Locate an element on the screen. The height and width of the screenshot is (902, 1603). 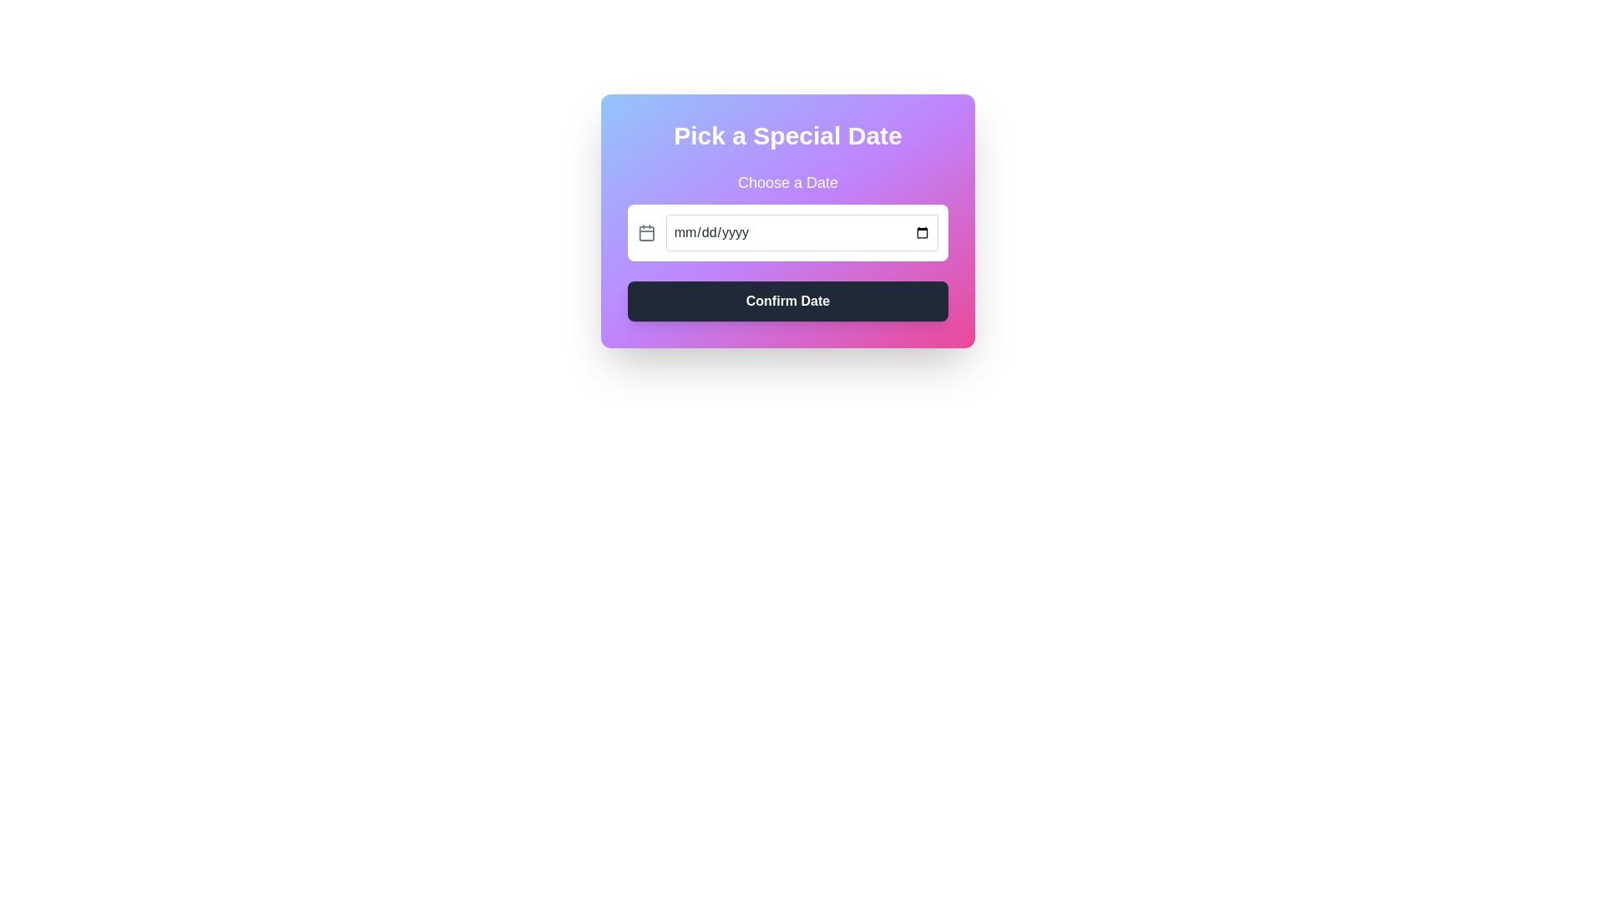
the text label that serves as a prompt for the date input field, located below the header 'Pick a Special Date' and above the date input field is located at coordinates (787, 183).